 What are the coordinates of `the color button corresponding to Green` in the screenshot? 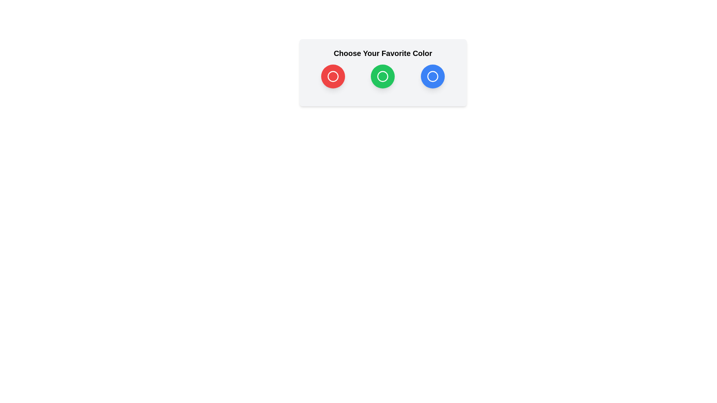 It's located at (383, 76).